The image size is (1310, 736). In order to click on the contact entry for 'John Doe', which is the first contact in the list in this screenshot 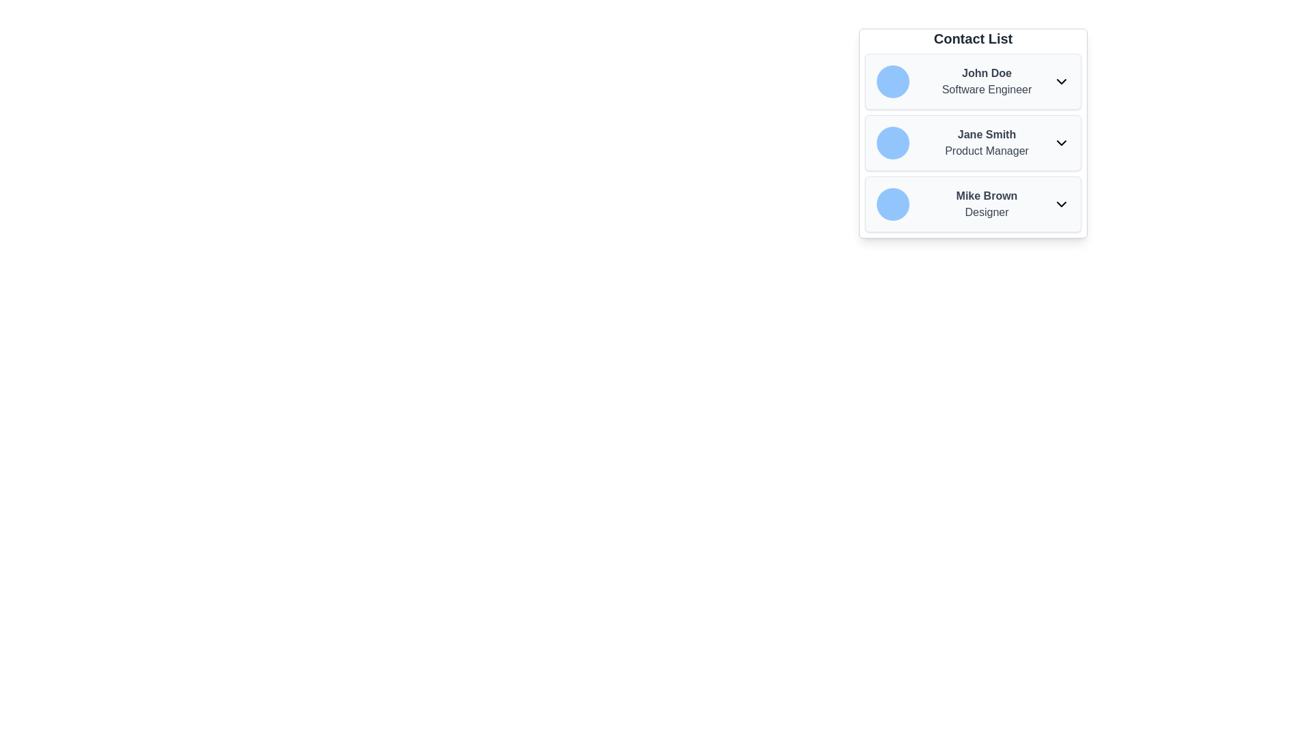, I will do `click(972, 81)`.